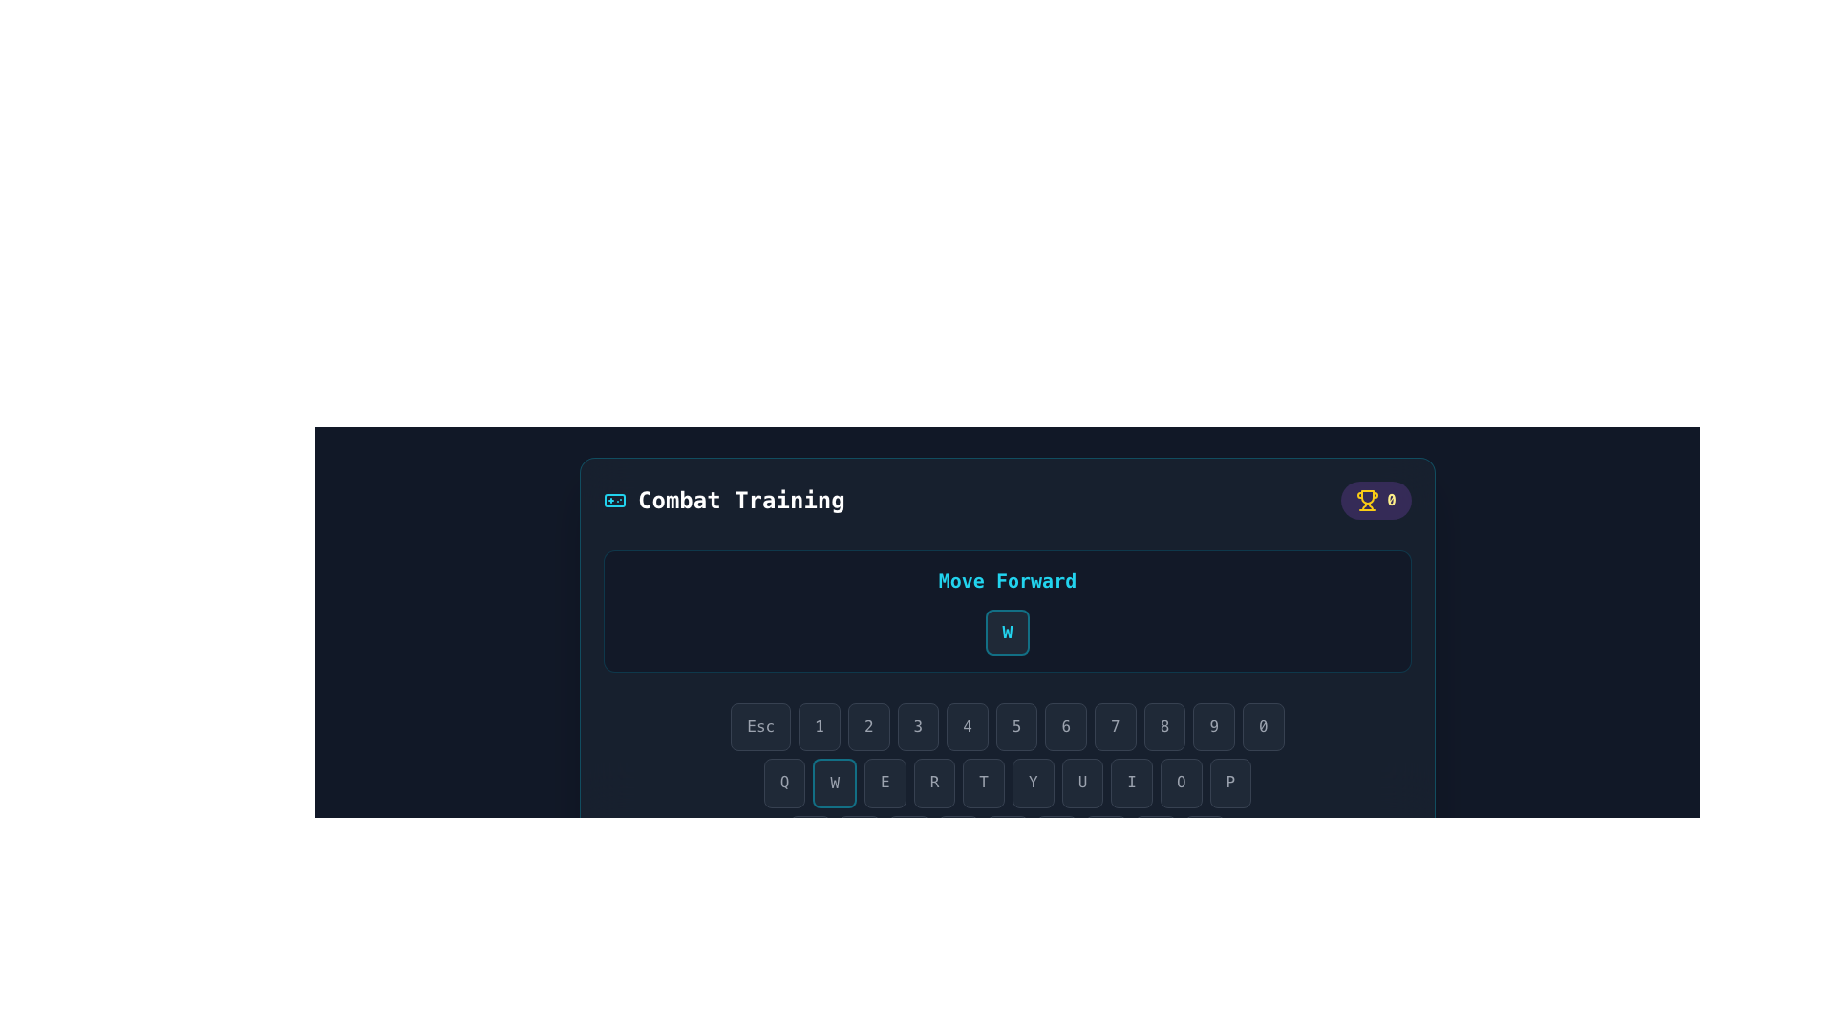  I want to click on the fifth button in the first row of a keyboard-like interface, which is a key-like component used for input or selection, so click(1007, 726).